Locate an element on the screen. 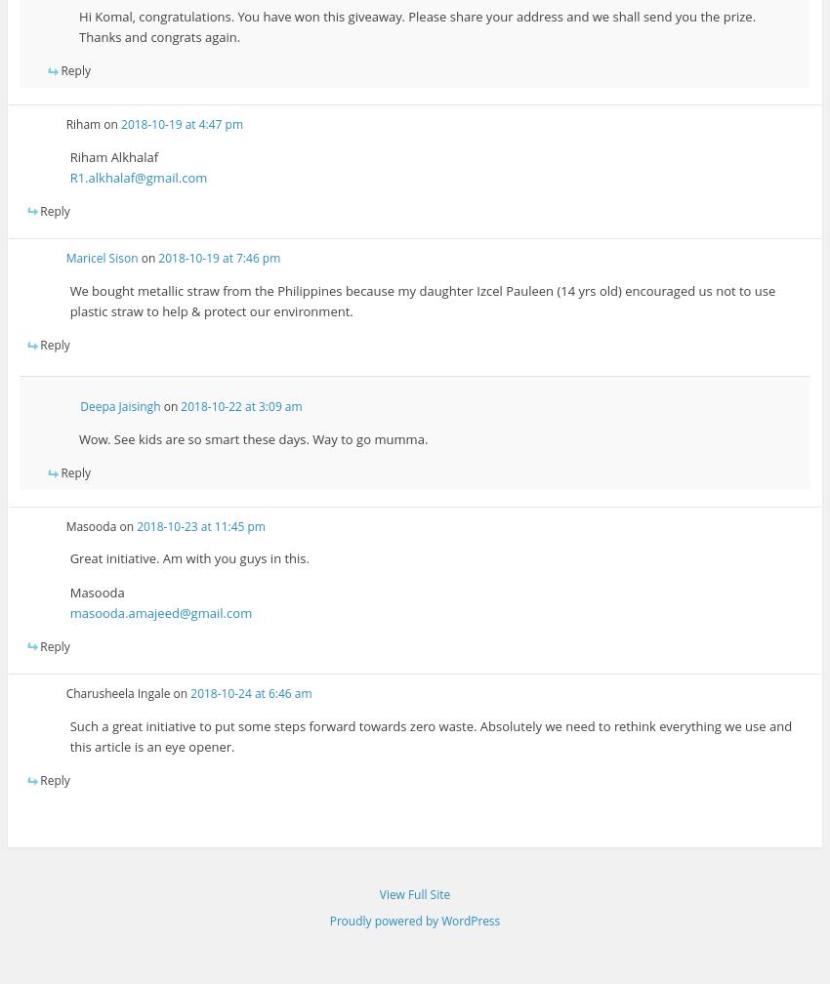 The height and width of the screenshot is (984, 830). 'Hi Komal, congratulations. You have won this giveaway. Please share your address and we shall send you the prize. Thanks and congrats again.' is located at coordinates (416, 26).